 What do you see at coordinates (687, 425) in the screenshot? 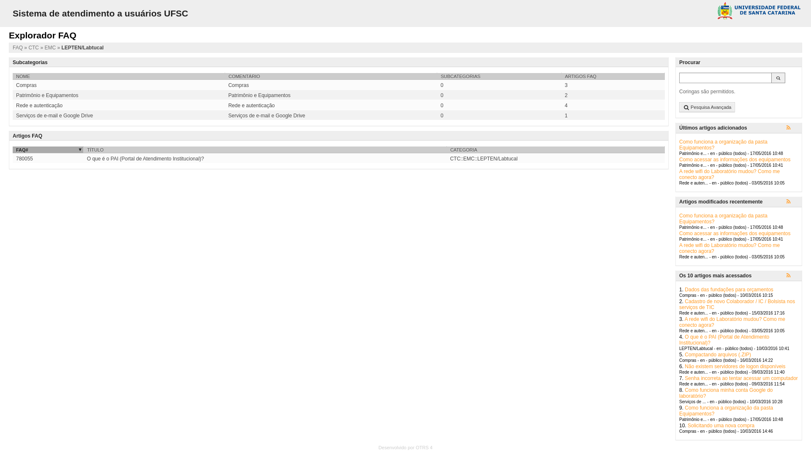
I see `'Solicitando uma nova compra'` at bounding box center [687, 425].